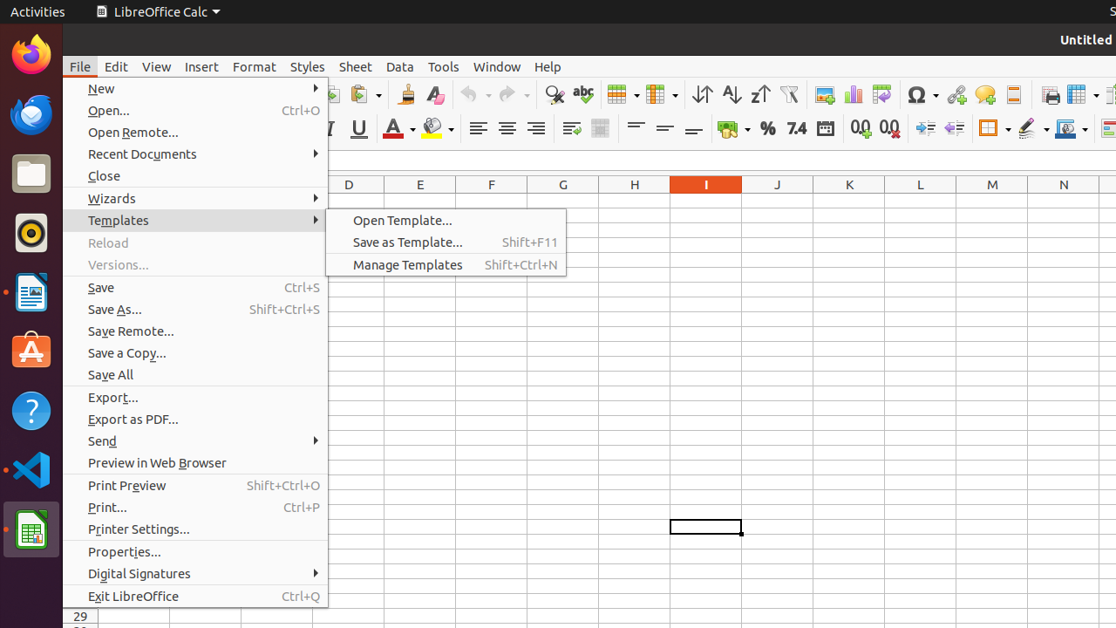 This screenshot has width=1116, height=628. Describe the element at coordinates (889, 127) in the screenshot. I see `'Delete Decimal Place'` at that location.